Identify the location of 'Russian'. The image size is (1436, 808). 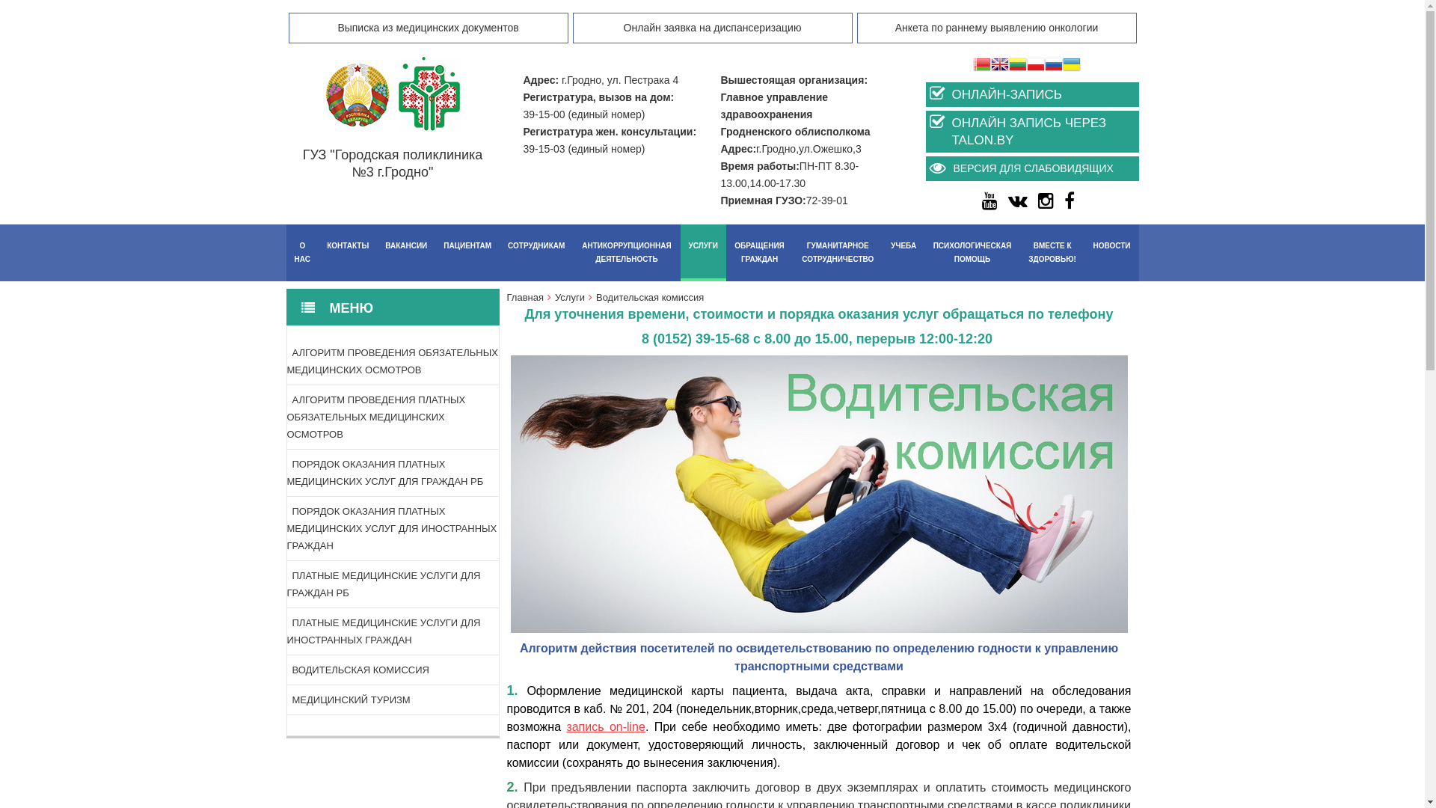
(1052, 65).